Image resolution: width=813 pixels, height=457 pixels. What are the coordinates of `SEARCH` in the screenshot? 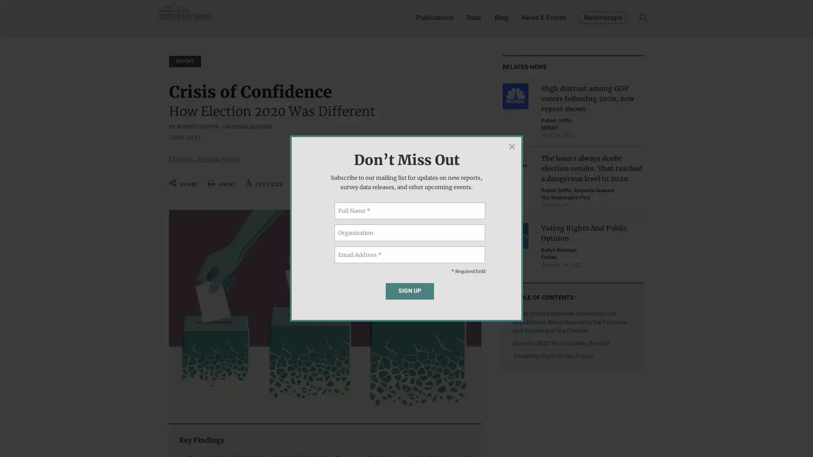 It's located at (630, 19).